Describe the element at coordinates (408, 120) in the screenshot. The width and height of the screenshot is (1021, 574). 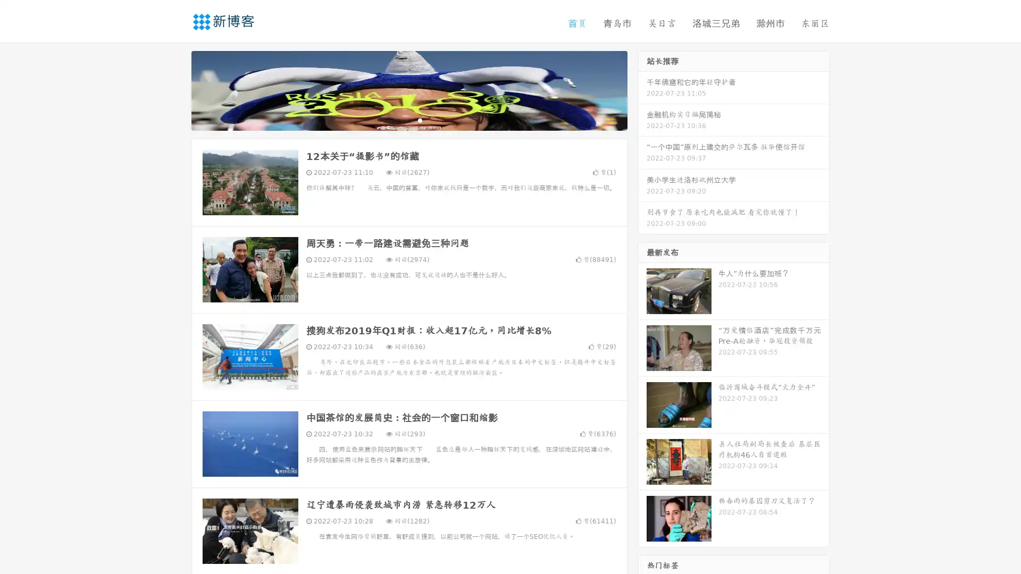
I see `Go to slide 2` at that location.